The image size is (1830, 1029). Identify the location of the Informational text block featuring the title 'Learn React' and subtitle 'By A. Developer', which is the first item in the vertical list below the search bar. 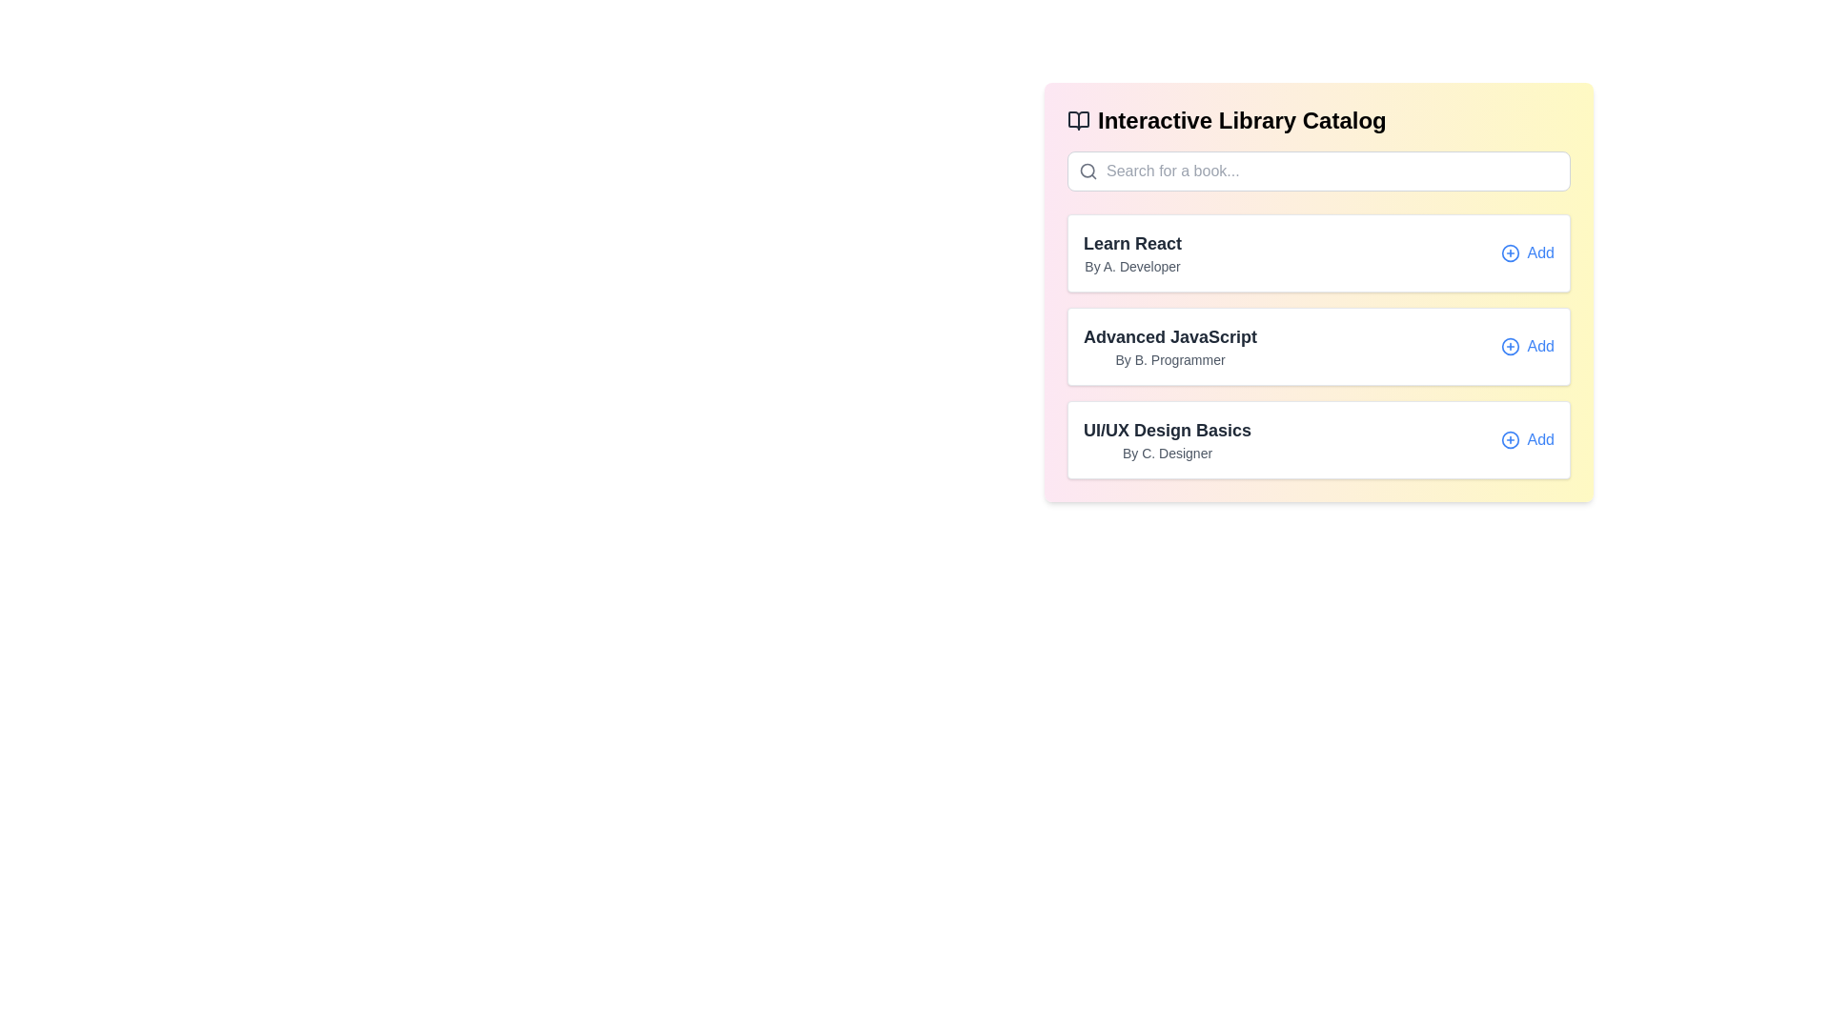
(1132, 252).